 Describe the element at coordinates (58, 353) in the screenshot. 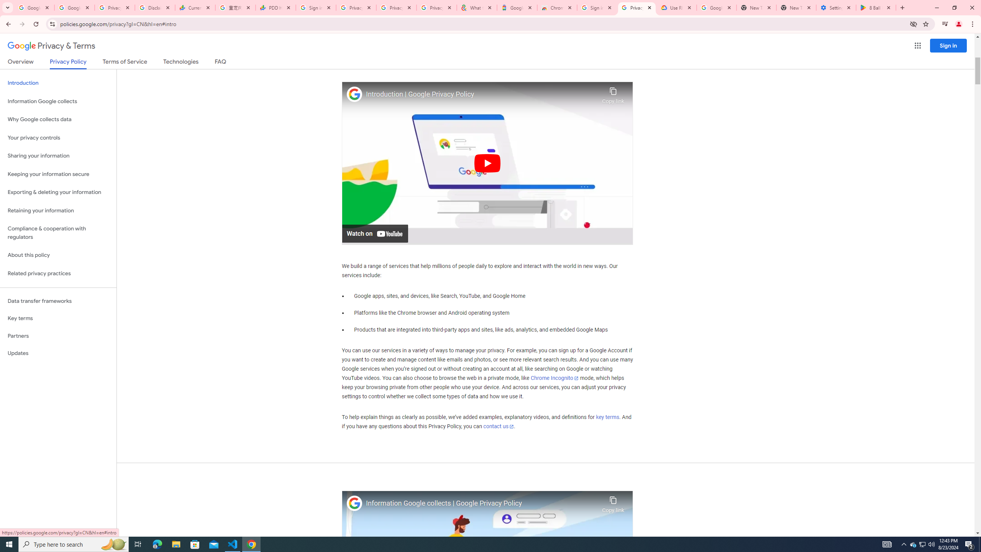

I see `'Updates'` at that location.